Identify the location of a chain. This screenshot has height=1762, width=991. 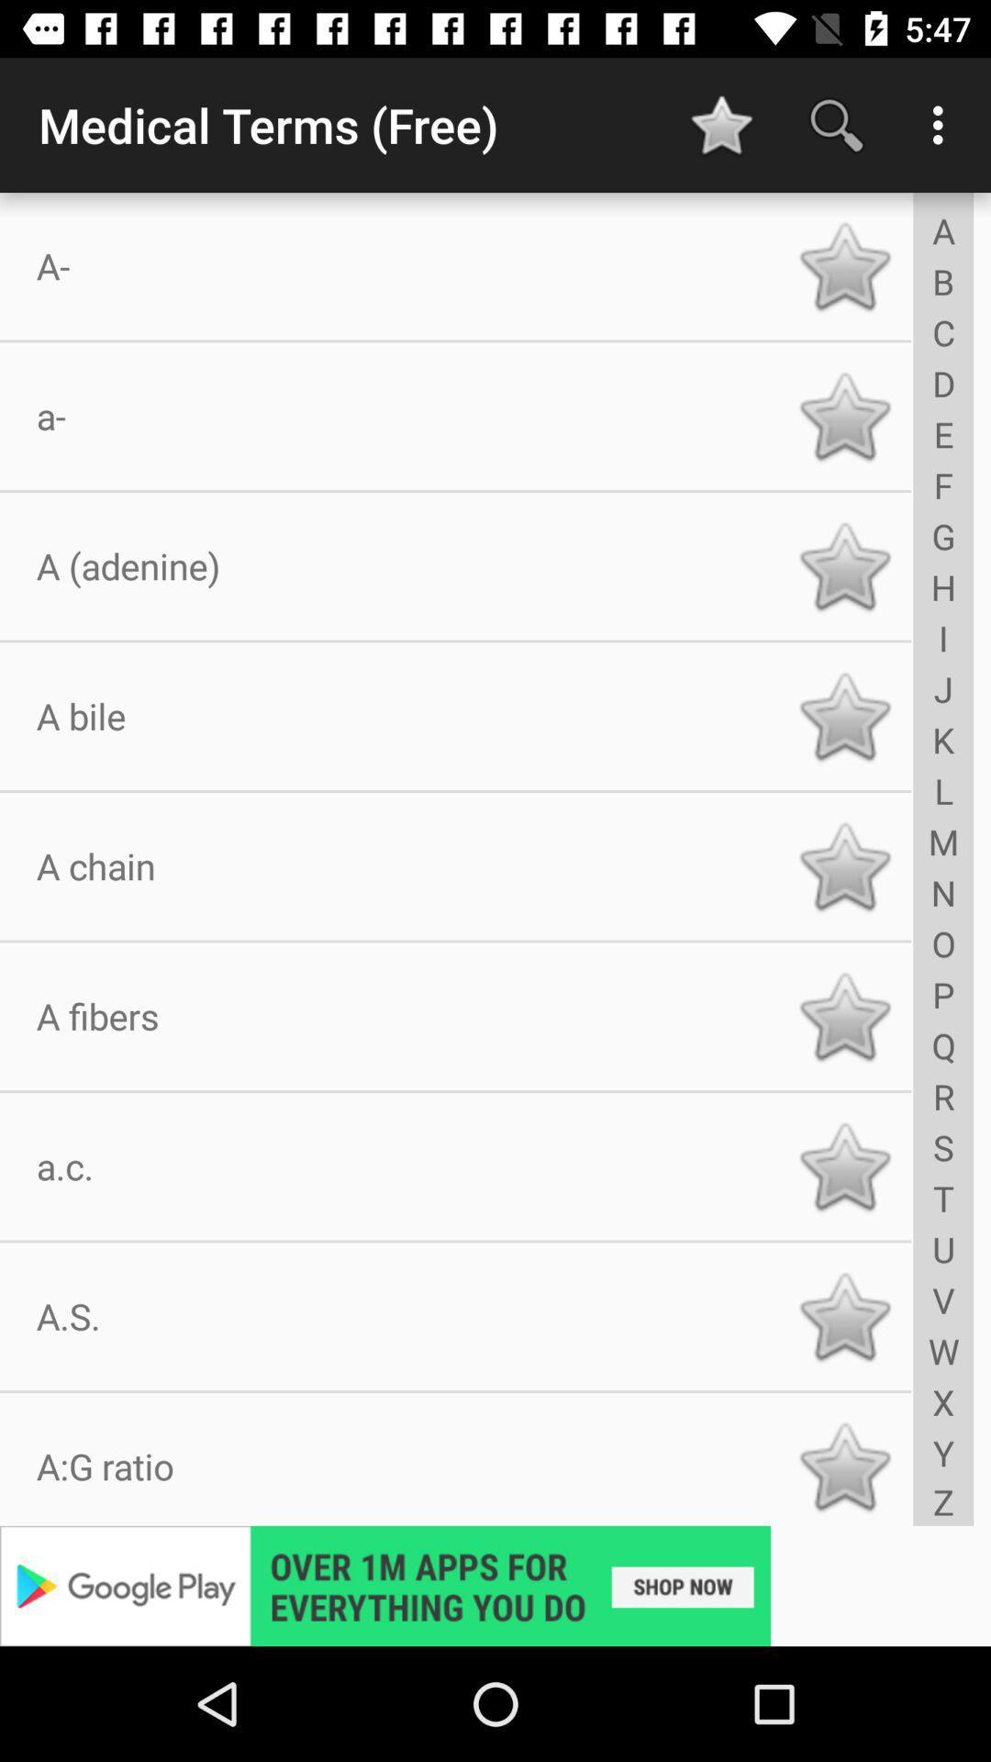
(844, 865).